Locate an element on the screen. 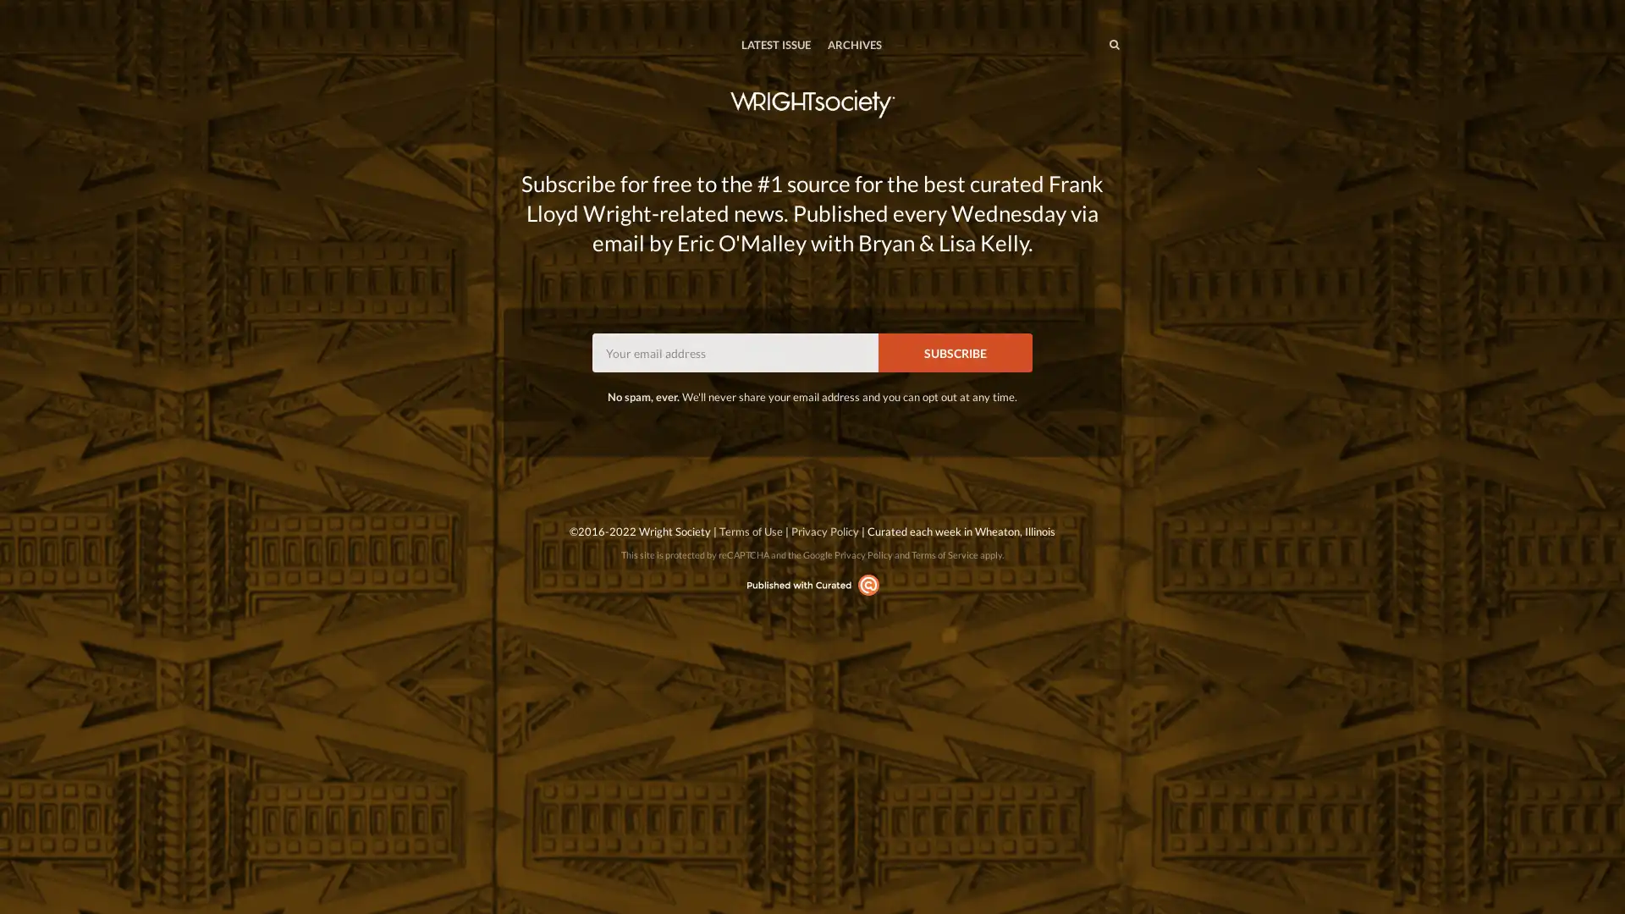 The width and height of the screenshot is (1625, 914). TOGGLE MENU is located at coordinates (506, 12).